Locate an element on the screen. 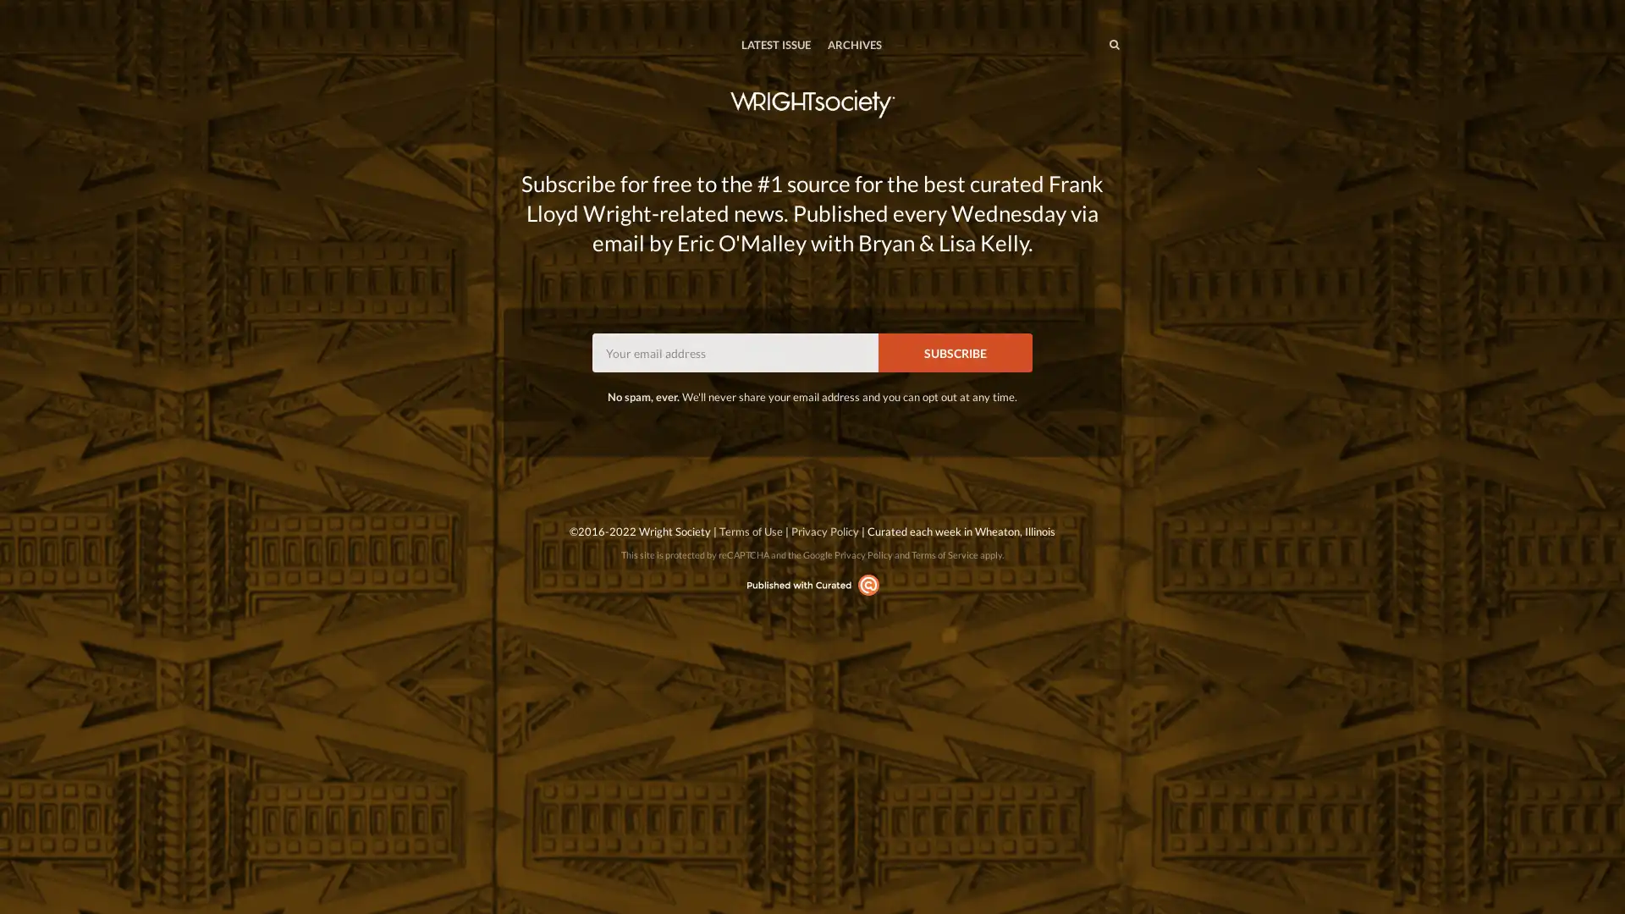 The width and height of the screenshot is (1625, 914). TOGGLE MENU is located at coordinates (506, 12).